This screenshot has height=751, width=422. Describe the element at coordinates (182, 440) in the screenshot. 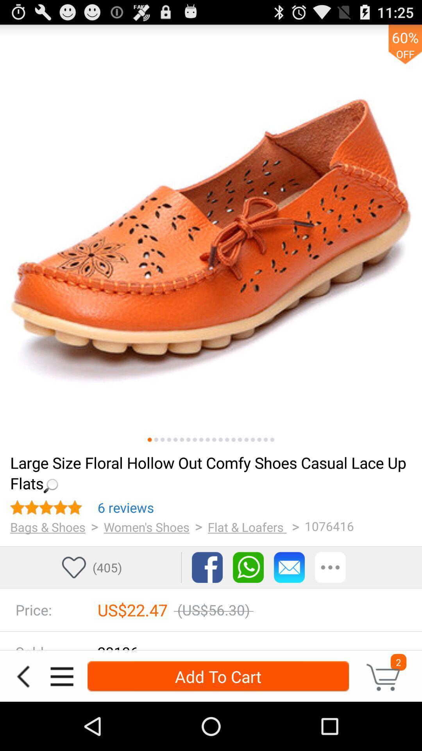

I see `the icon above loading...` at that location.